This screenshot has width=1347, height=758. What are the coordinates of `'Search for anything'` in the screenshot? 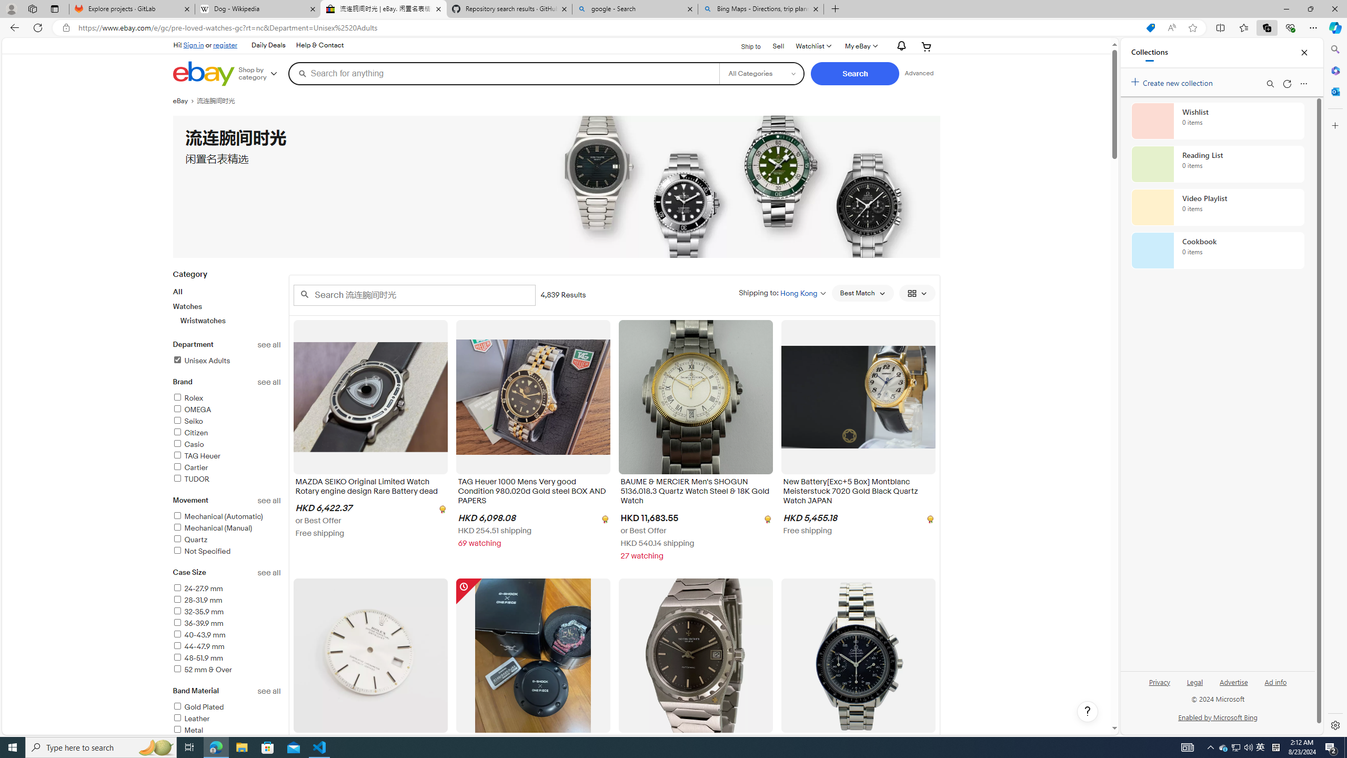 It's located at (504, 73).